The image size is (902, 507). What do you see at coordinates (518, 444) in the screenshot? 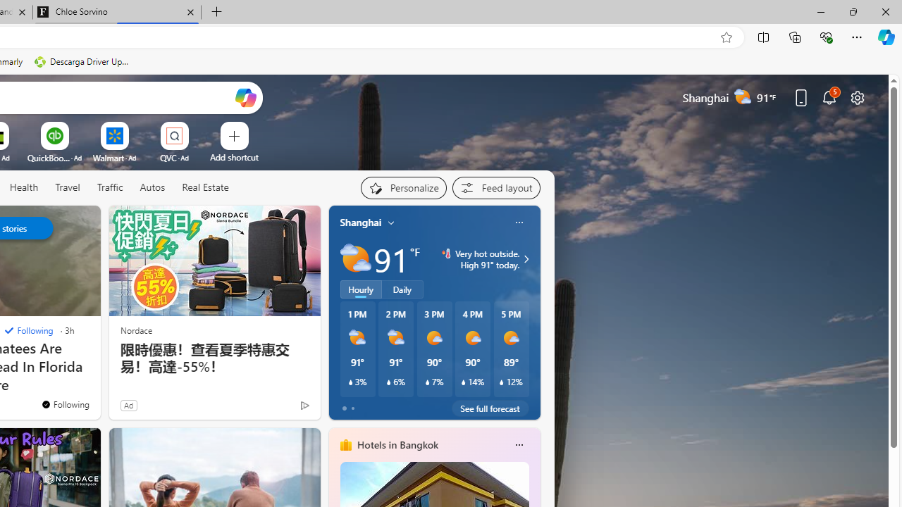
I see `'More options'` at bounding box center [518, 444].